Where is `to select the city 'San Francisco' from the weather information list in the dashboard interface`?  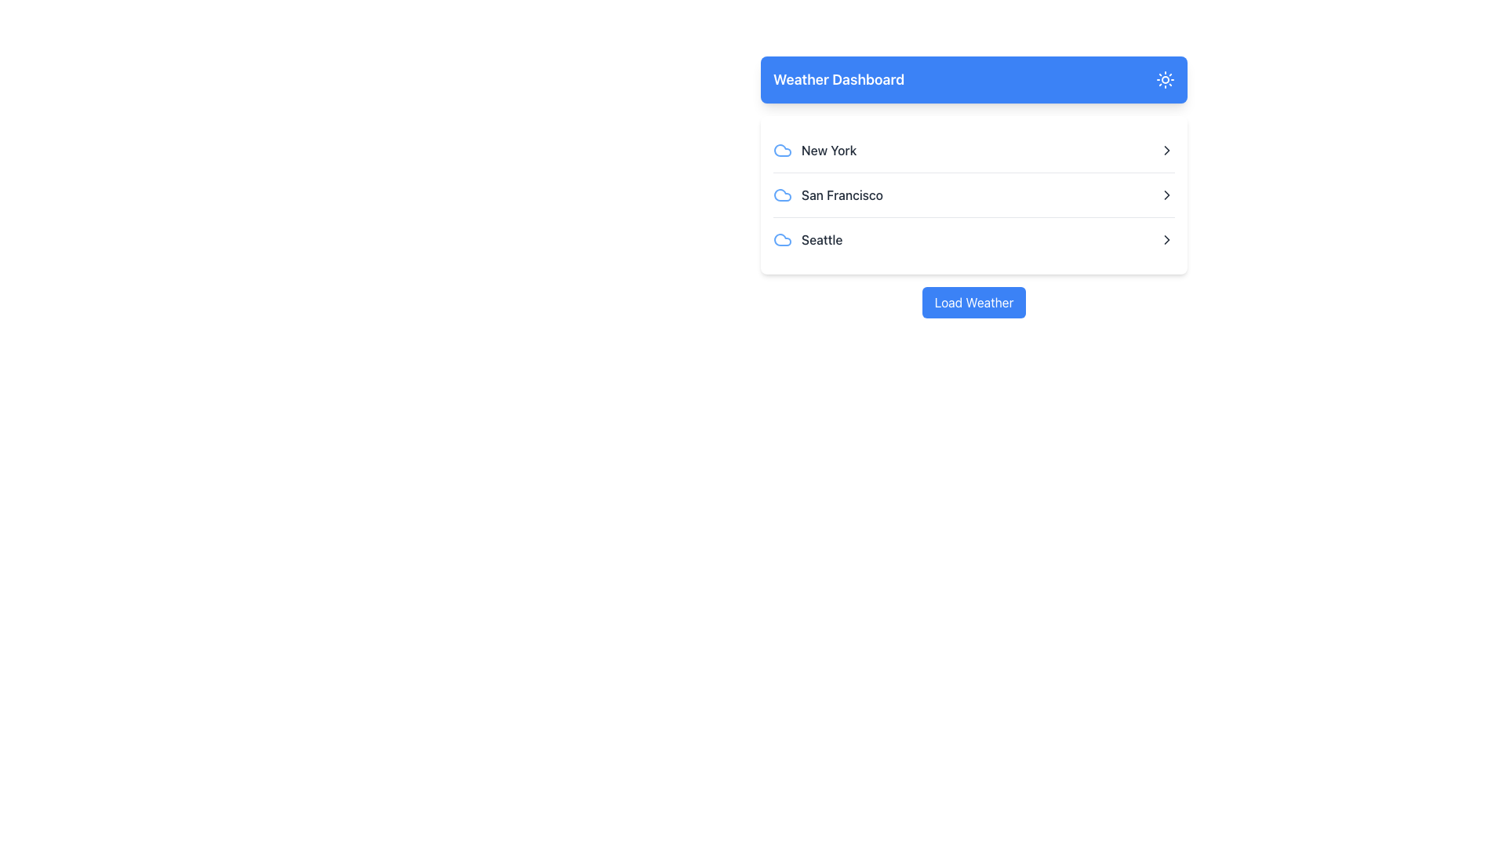
to select the city 'San Francisco' from the weather information list in the dashboard interface is located at coordinates (973, 187).